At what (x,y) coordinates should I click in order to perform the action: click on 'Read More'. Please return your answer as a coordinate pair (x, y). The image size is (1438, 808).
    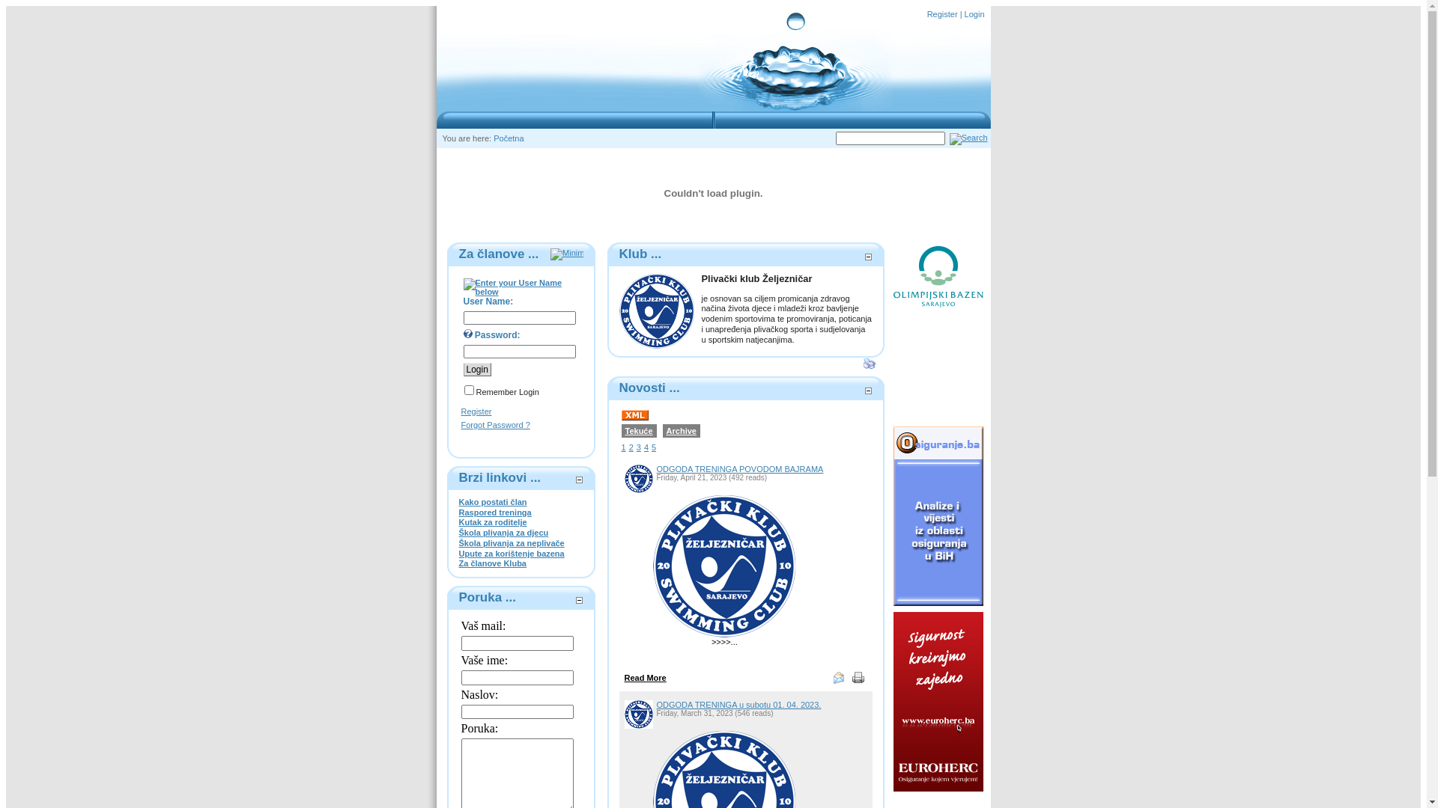
    Looking at the image, I should click on (646, 678).